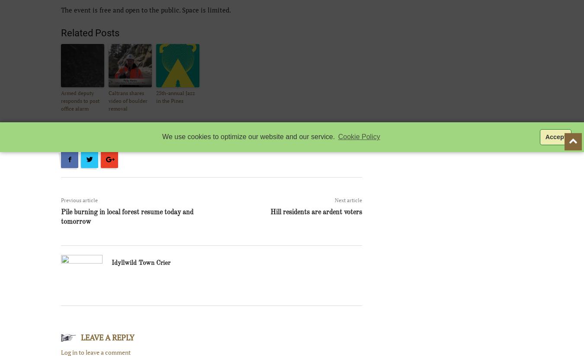 Image resolution: width=584 pixels, height=356 pixels. I want to click on 'Idyllwild Town Crier', so click(111, 263).